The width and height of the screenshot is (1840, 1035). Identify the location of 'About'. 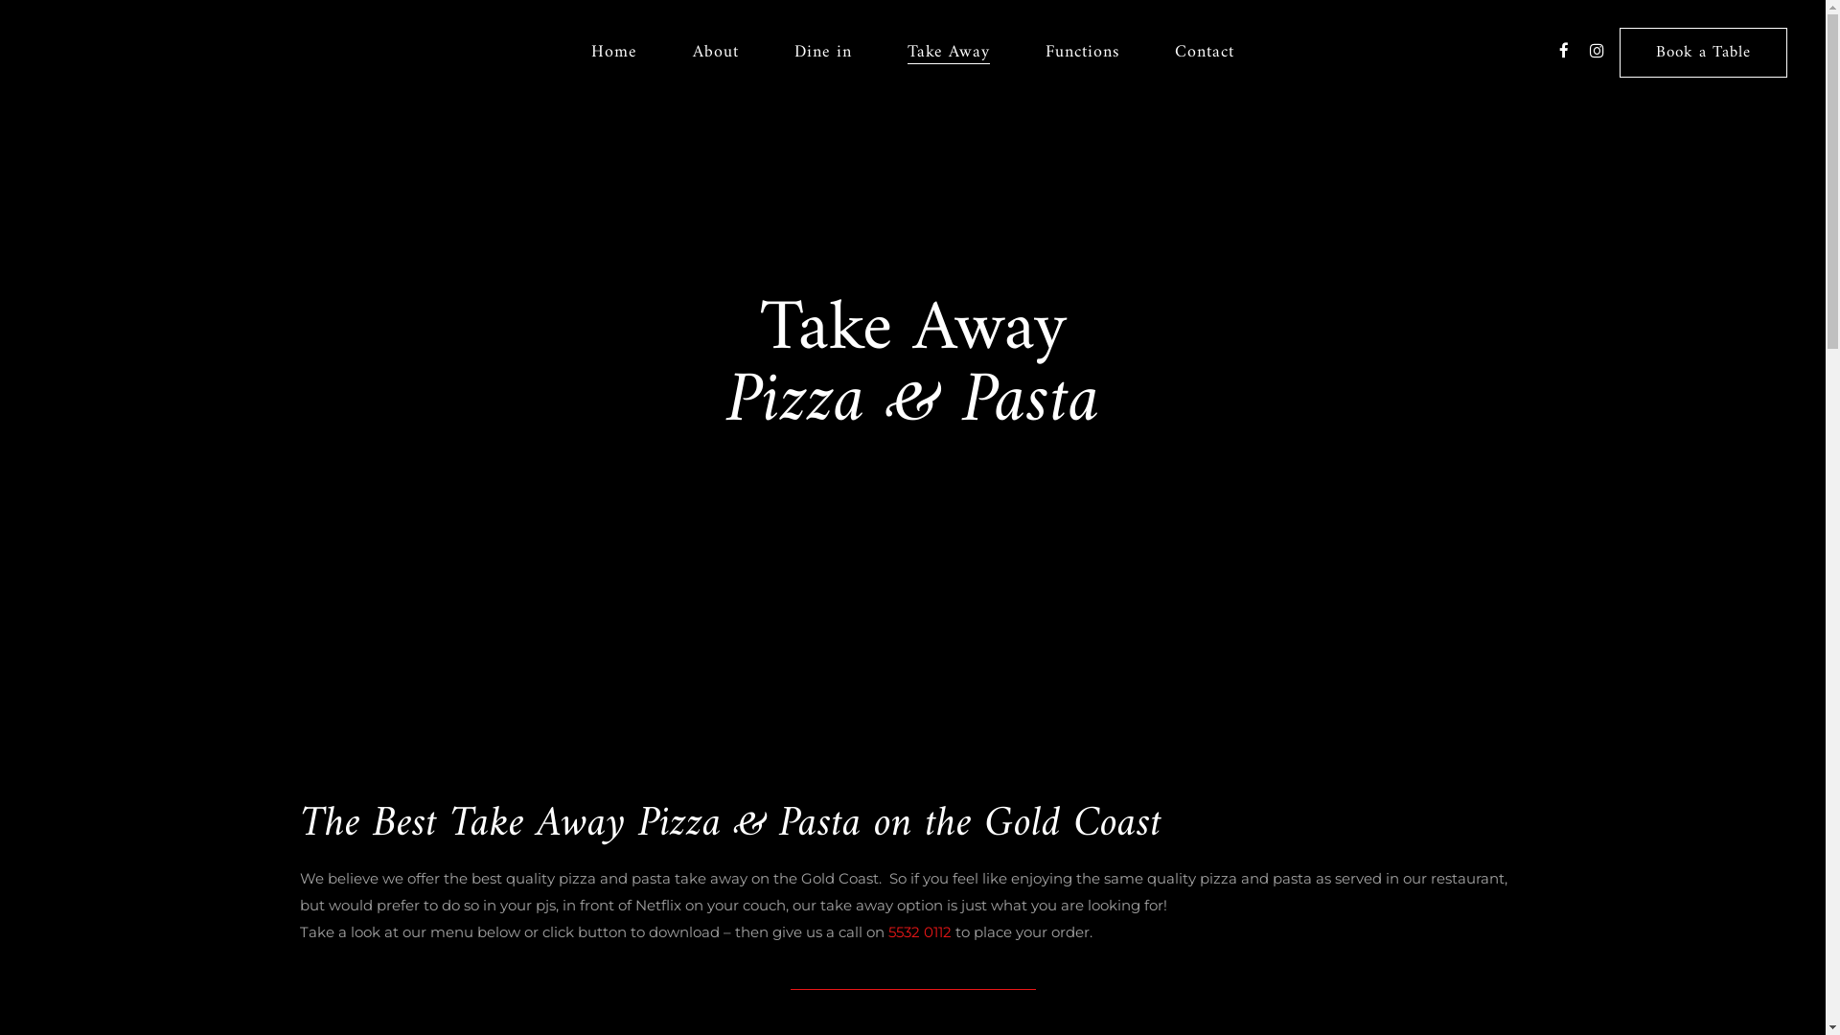
(665, 51).